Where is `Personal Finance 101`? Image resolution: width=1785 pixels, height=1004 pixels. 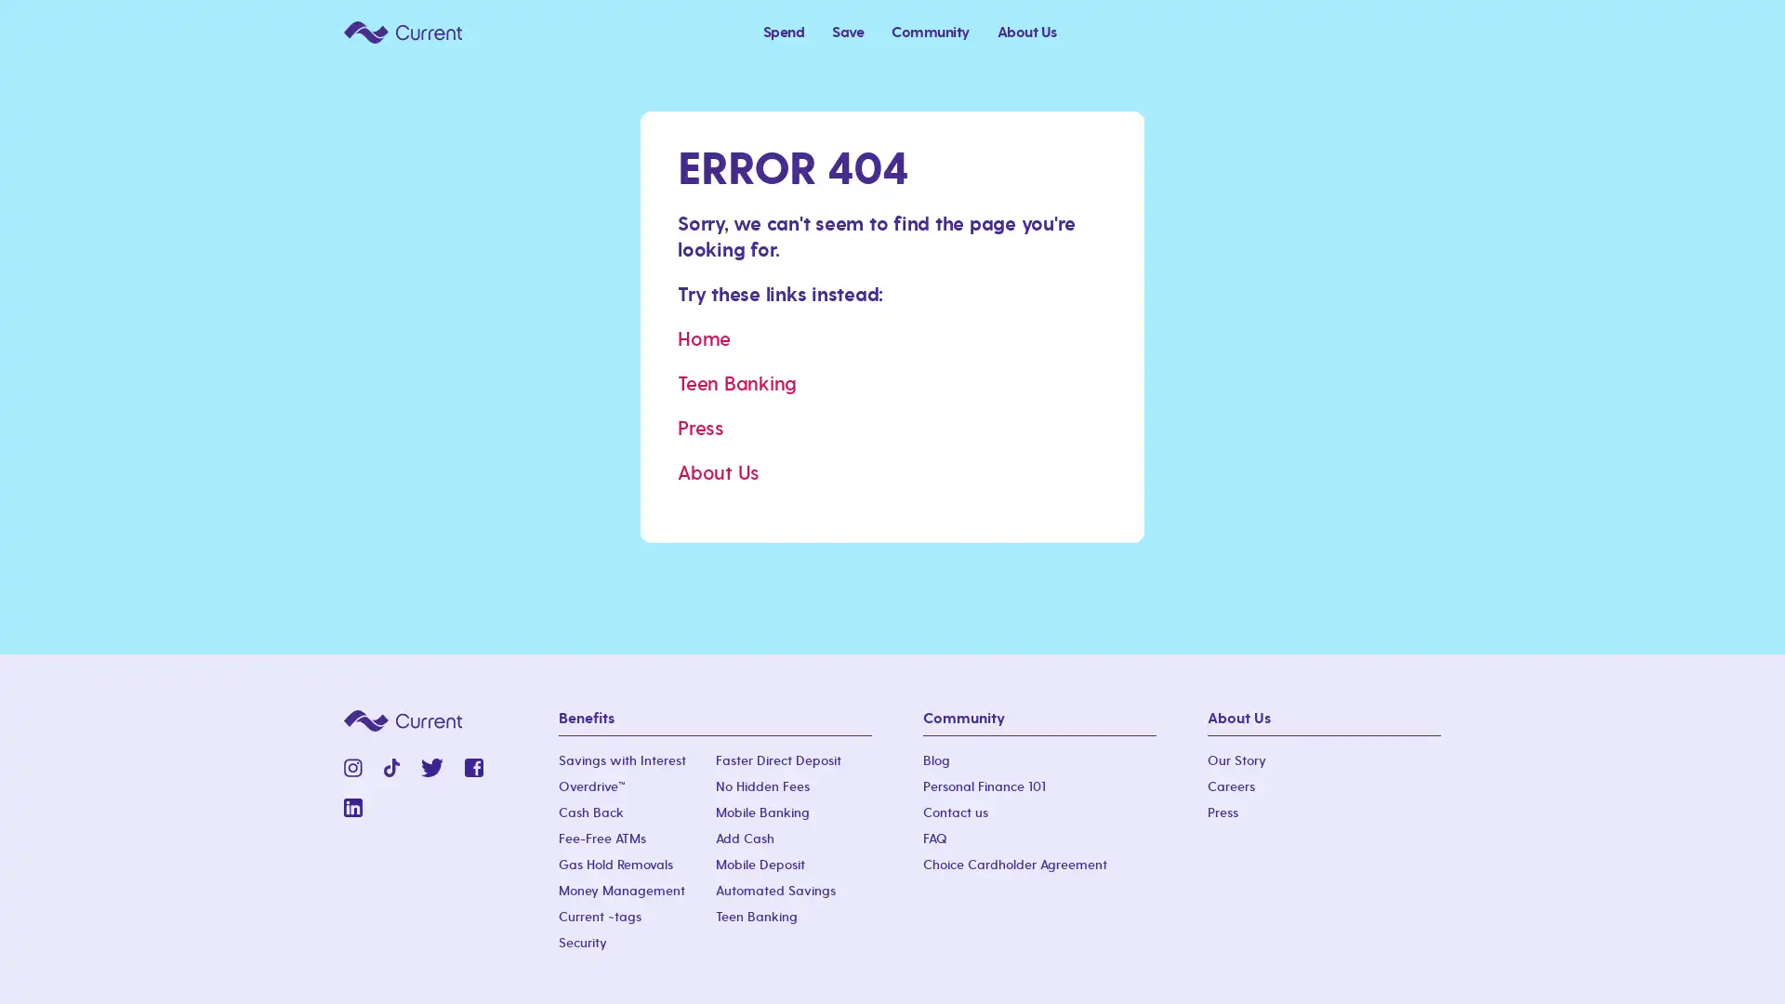
Personal Finance 101 is located at coordinates (984, 787).